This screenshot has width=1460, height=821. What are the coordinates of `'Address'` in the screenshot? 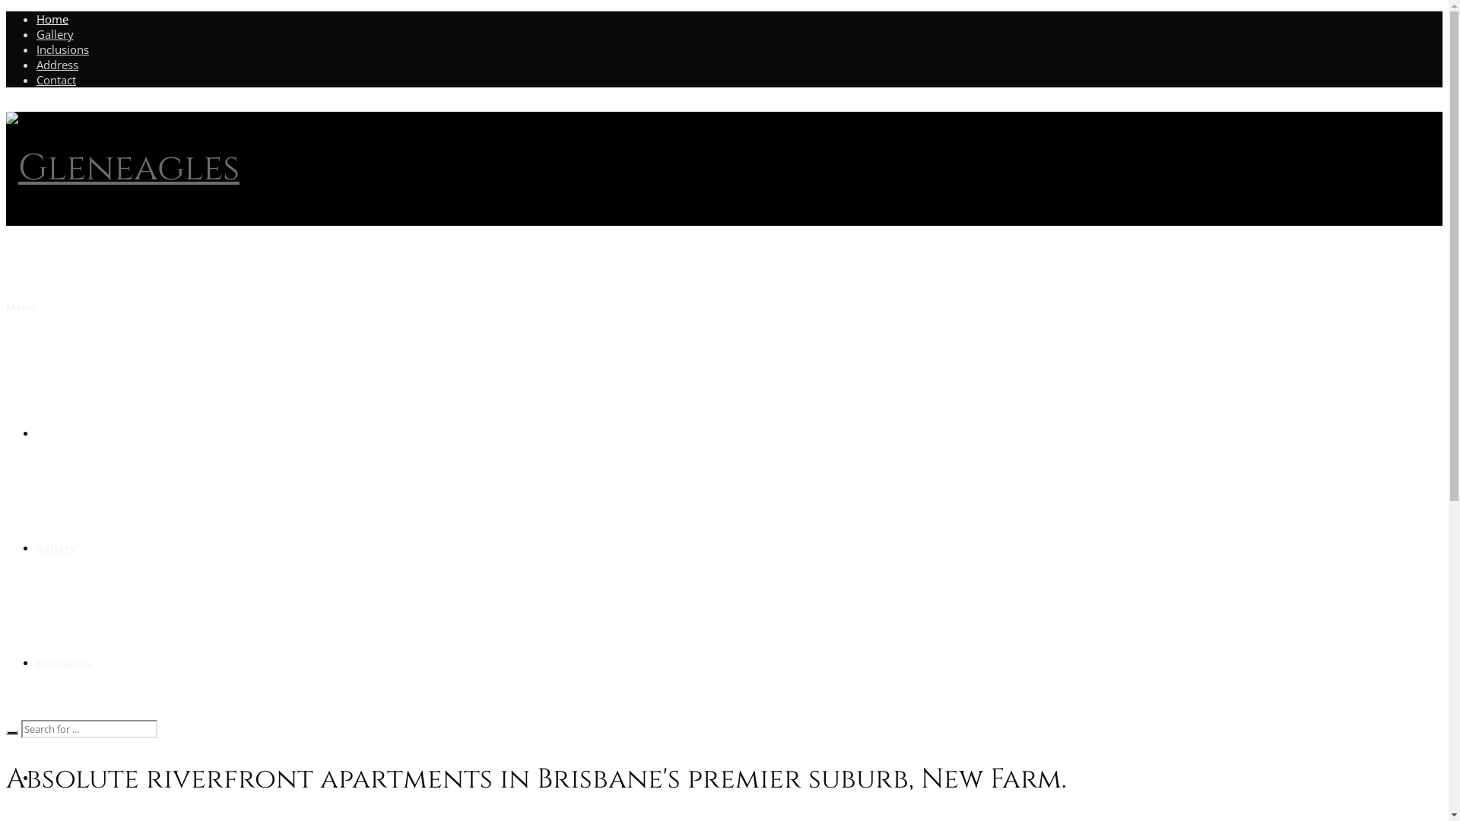 It's located at (57, 63).